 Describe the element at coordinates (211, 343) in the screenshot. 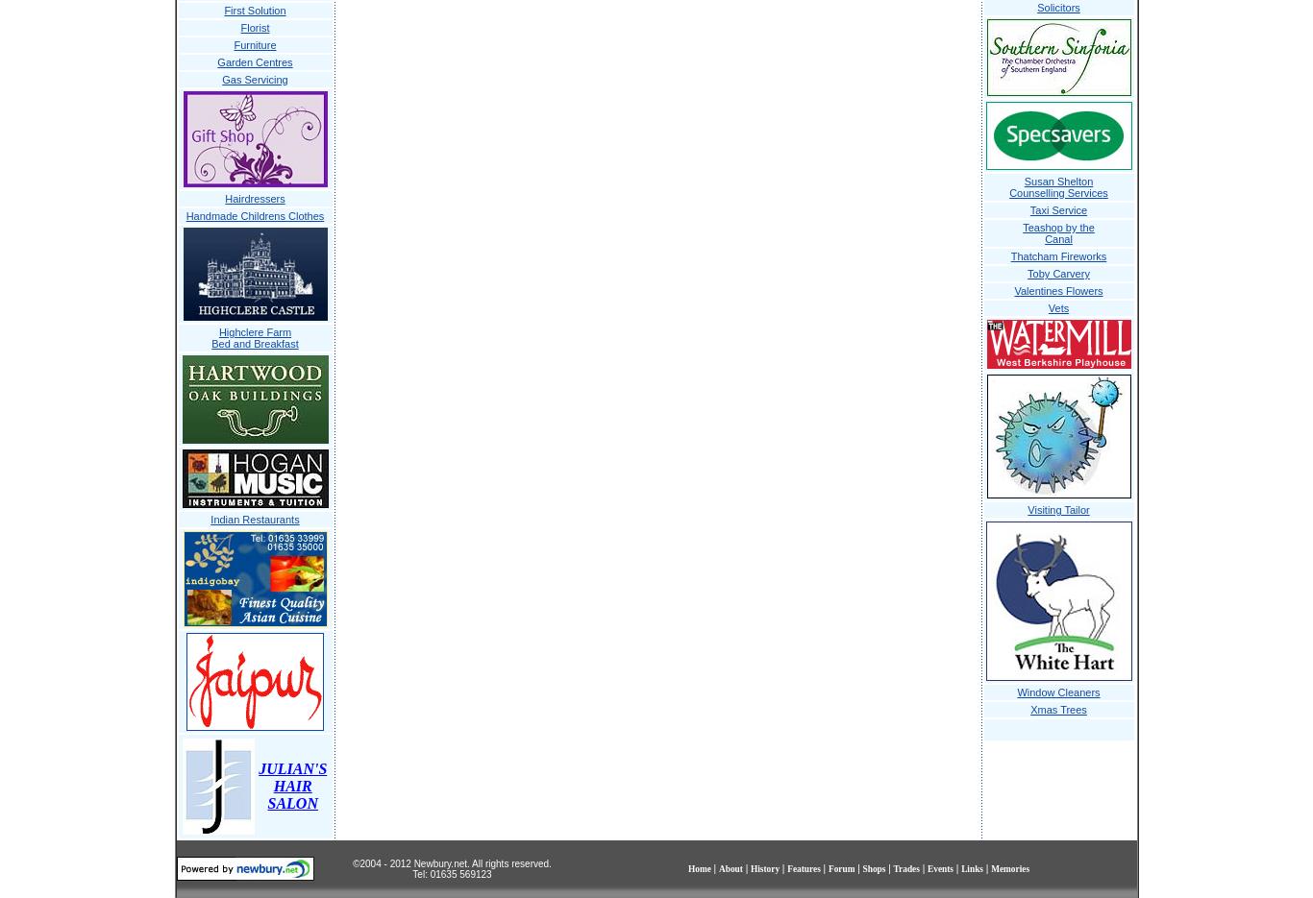

I see `'Bed and Breakfast'` at that location.